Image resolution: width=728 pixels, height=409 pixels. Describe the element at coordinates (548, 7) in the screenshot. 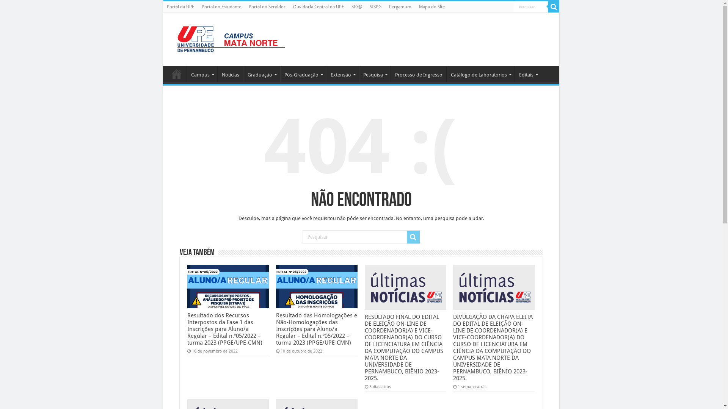

I see `'Pesquisar'` at that location.